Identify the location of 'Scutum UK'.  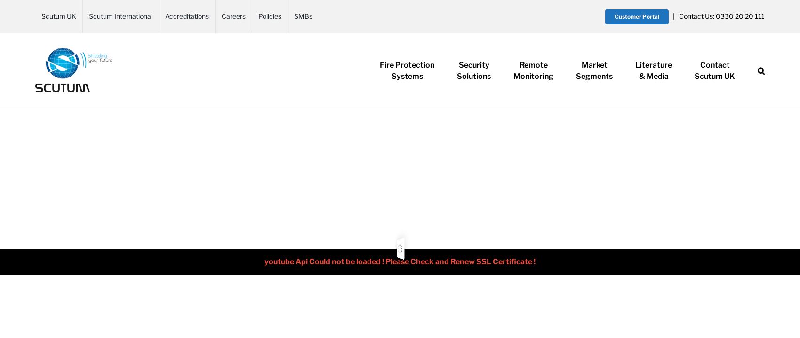
(714, 76).